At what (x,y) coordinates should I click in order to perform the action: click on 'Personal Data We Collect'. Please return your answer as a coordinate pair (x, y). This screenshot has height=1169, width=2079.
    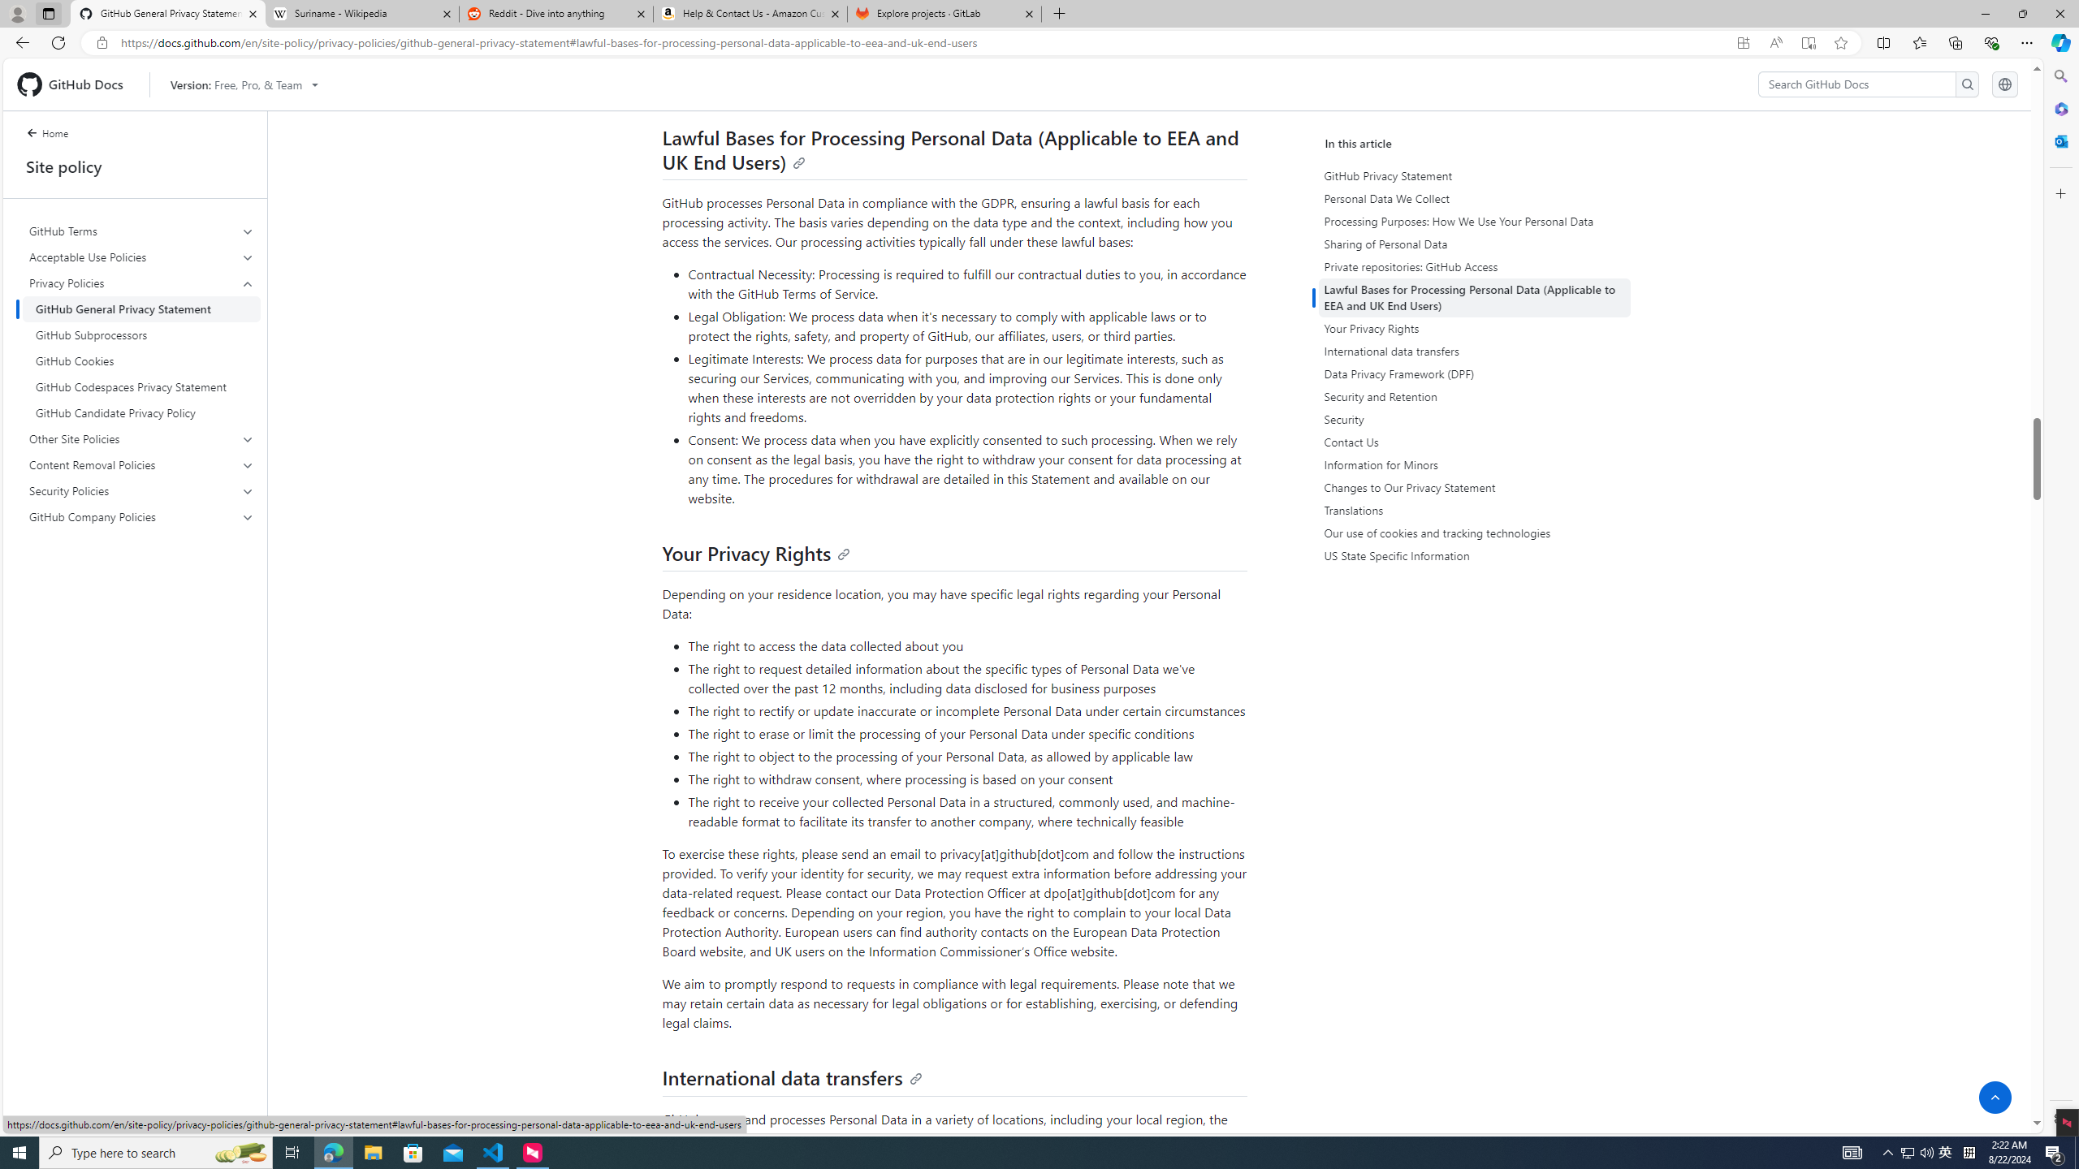
    Looking at the image, I should click on (1473, 198).